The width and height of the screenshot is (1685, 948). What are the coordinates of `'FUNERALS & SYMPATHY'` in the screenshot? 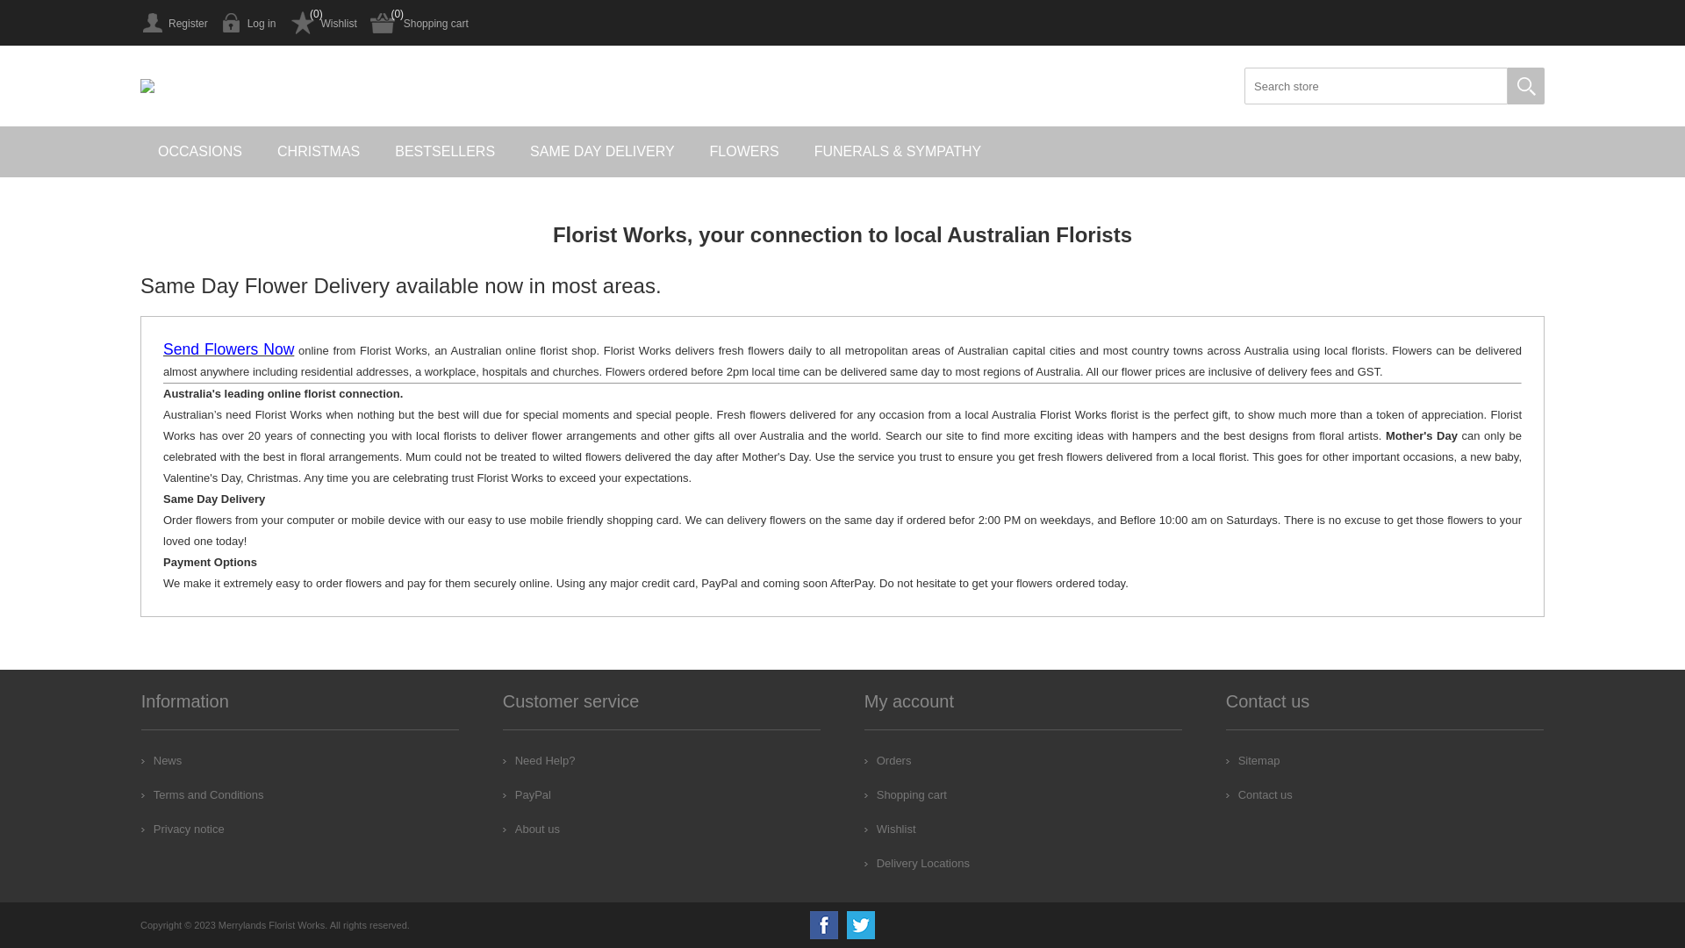 It's located at (898, 151).